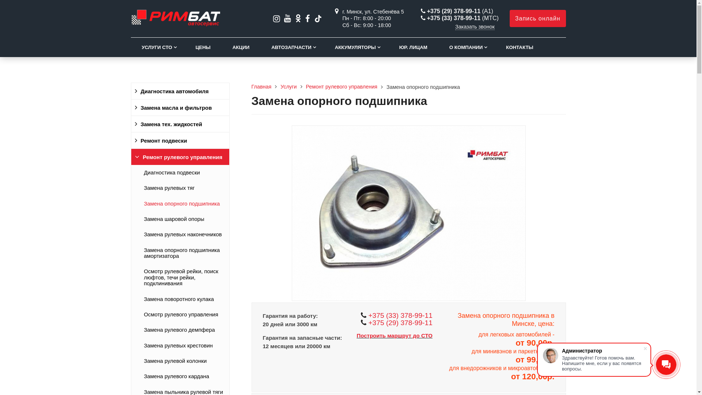 The height and width of the screenshot is (395, 702). Describe the element at coordinates (368, 322) in the screenshot. I see `'+375 (29) 378-99-11'` at that location.